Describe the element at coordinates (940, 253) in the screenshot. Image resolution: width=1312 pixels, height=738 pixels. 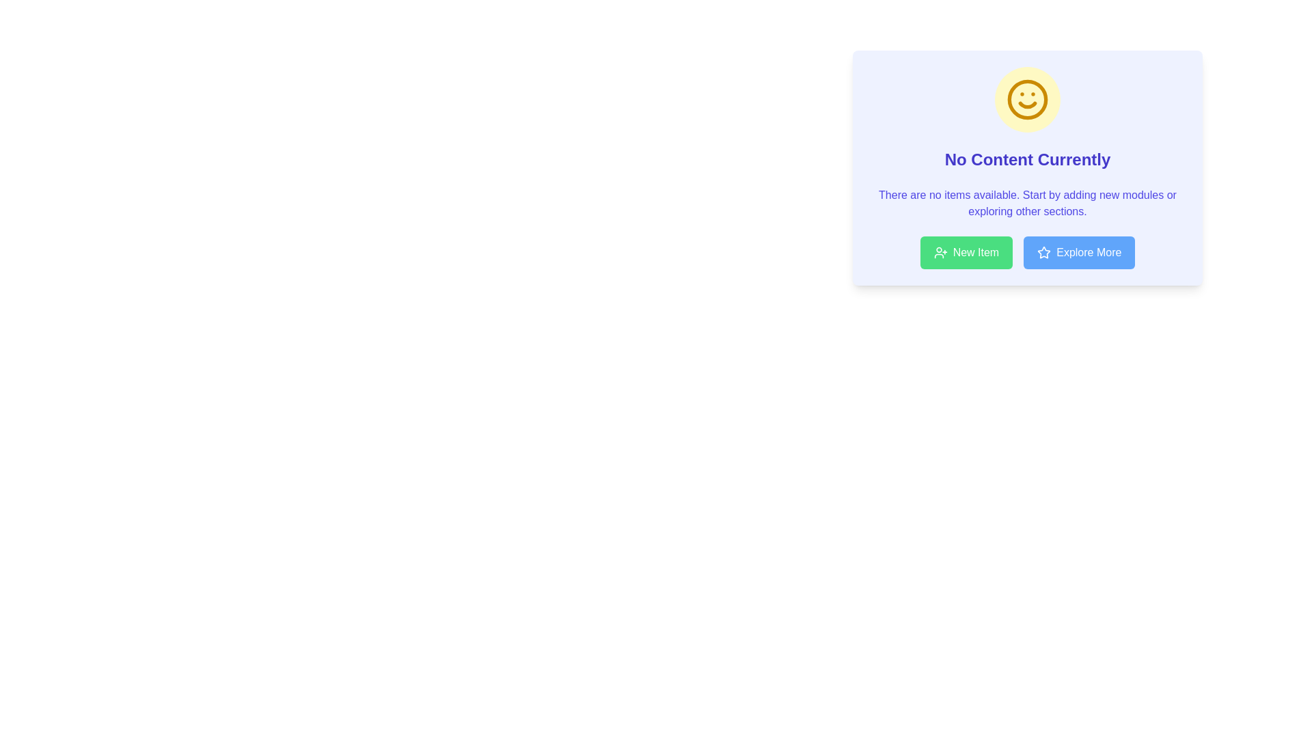
I see `the user profile icon with a plus symbol next to it, which is the first icon in the 'New Item' button located on the bottom left side of the central card` at that location.